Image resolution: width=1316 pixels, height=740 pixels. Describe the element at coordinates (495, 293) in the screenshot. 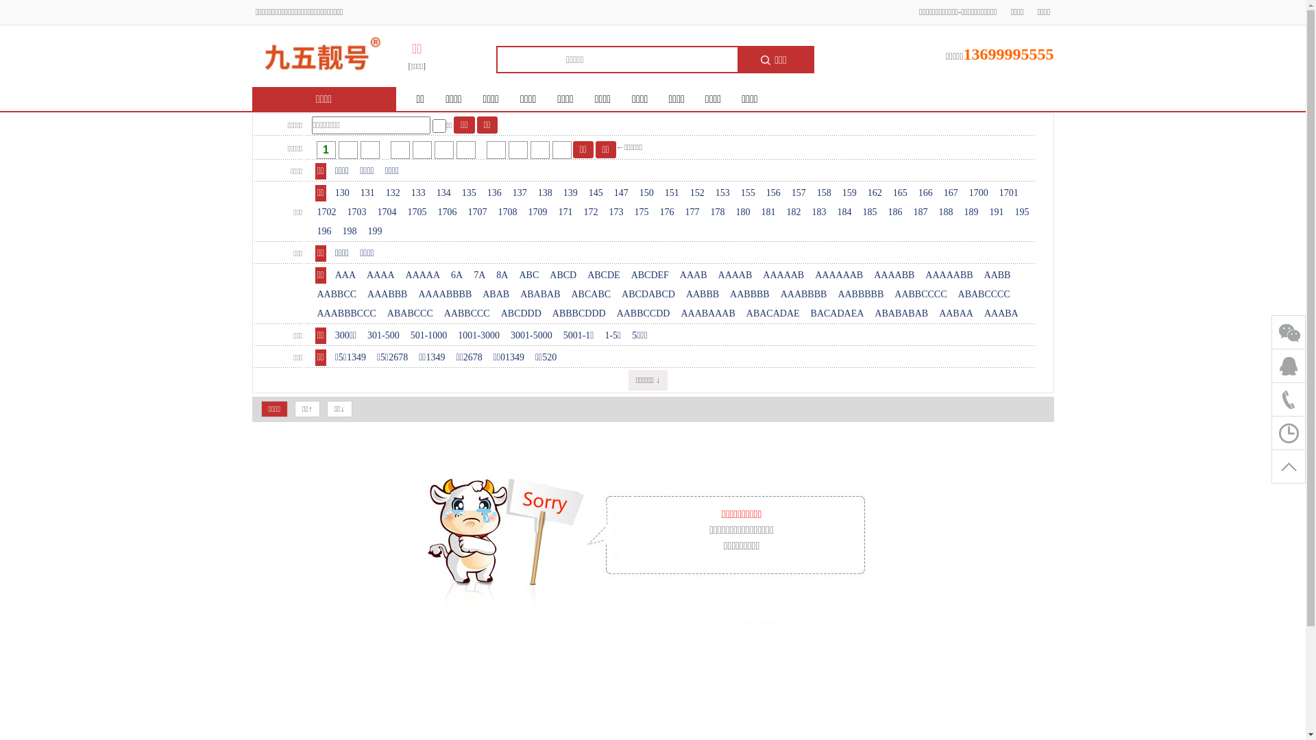

I see `'ABAB'` at that location.